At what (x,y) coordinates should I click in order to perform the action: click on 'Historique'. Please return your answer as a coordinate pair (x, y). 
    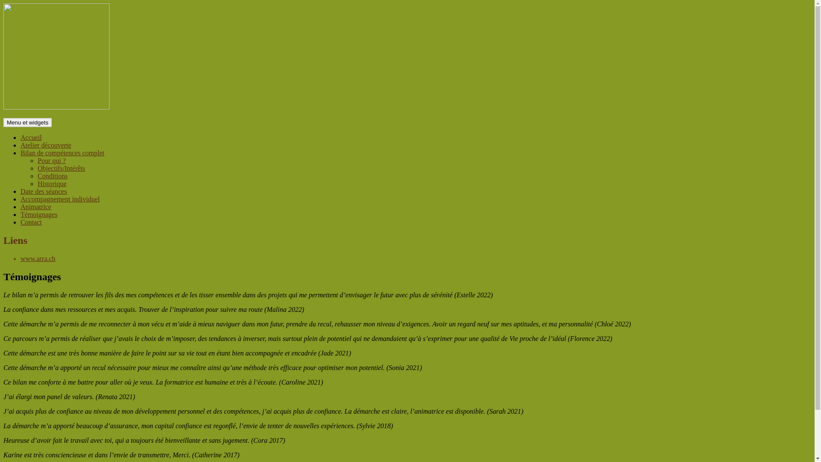
    Looking at the image, I should click on (51, 183).